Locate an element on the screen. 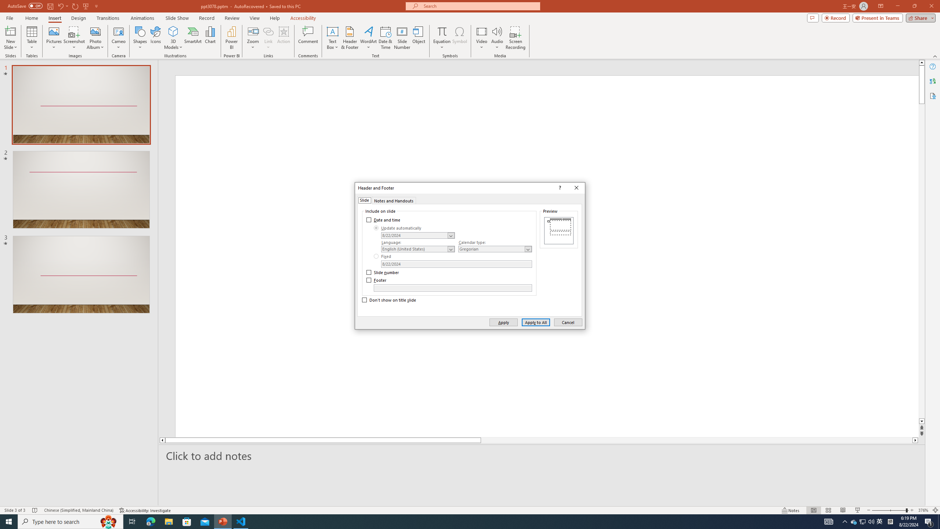 Image resolution: width=940 pixels, height=529 pixels. 'Slide number' is located at coordinates (383, 273).